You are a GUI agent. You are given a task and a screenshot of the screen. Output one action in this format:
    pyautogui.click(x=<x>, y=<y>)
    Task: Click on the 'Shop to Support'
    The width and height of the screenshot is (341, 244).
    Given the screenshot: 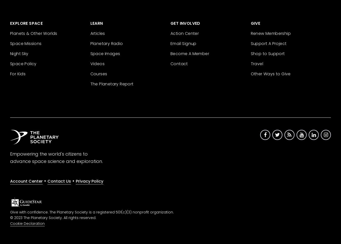 What is the action you would take?
    pyautogui.click(x=267, y=53)
    